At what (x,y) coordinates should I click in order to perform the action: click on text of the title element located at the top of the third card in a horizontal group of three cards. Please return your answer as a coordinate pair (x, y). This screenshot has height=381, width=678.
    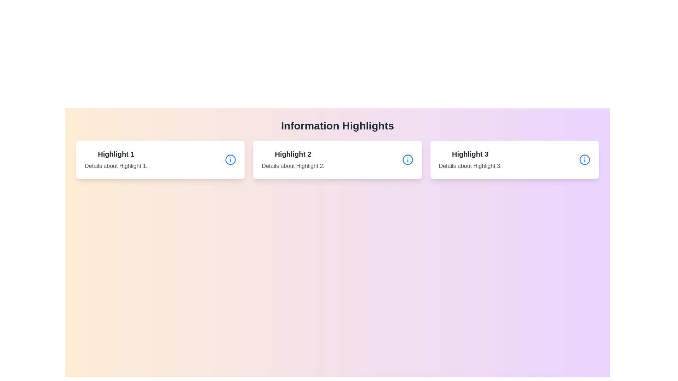
    Looking at the image, I should click on (470, 153).